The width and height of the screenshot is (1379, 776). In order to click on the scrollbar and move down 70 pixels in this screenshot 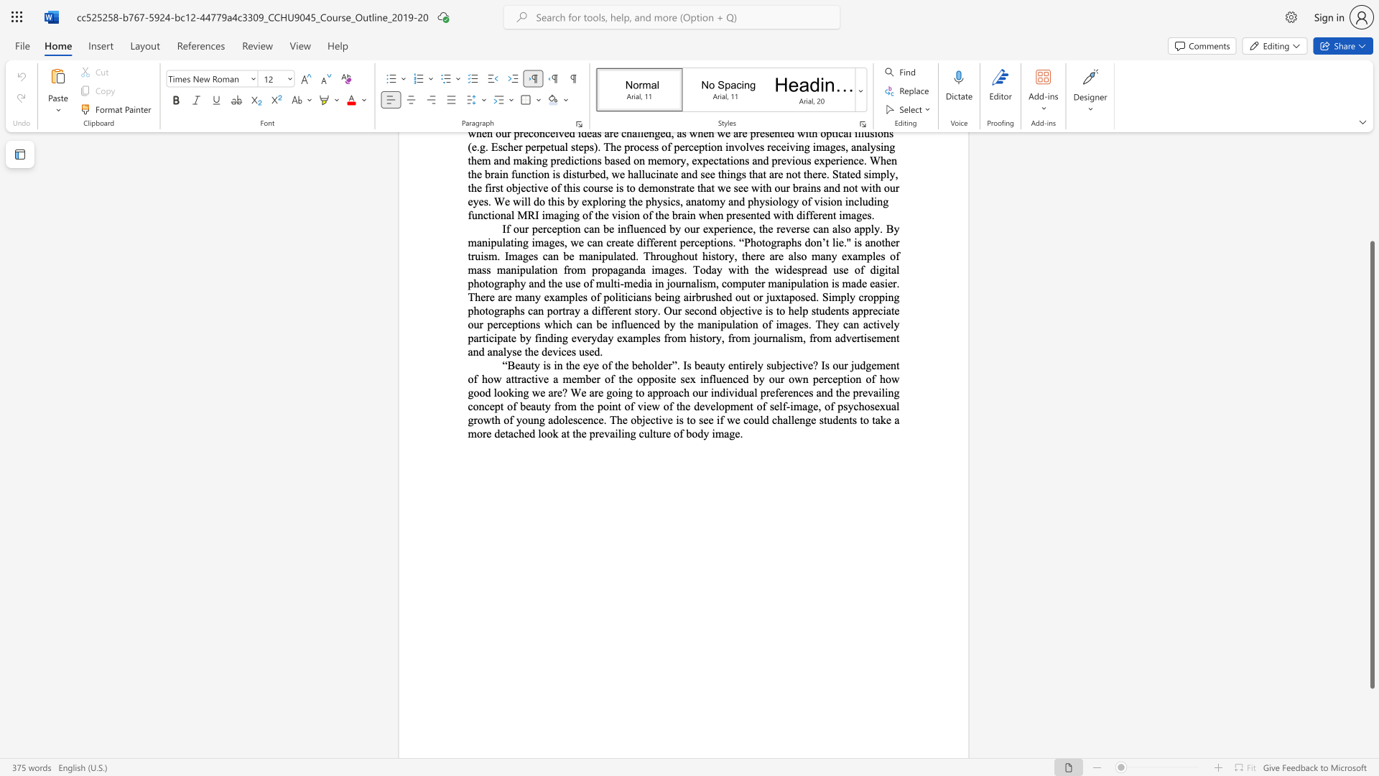, I will do `click(1371, 465)`.